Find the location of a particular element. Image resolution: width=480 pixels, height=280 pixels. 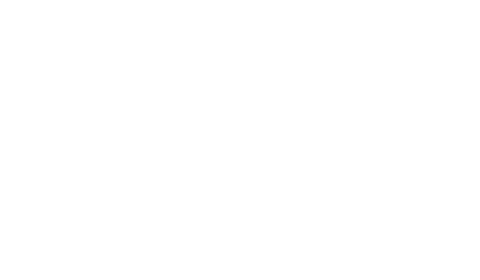

'Discounted After Hours/OnSite Support' is located at coordinates (241, 31).